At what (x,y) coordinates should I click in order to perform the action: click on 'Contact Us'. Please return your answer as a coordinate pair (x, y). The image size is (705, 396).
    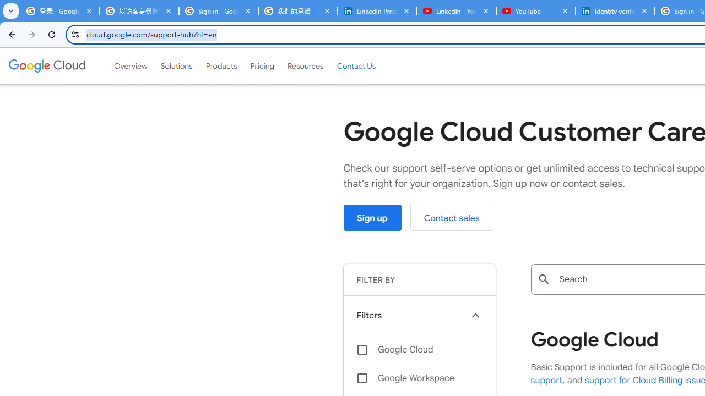
    Looking at the image, I should click on (356, 65).